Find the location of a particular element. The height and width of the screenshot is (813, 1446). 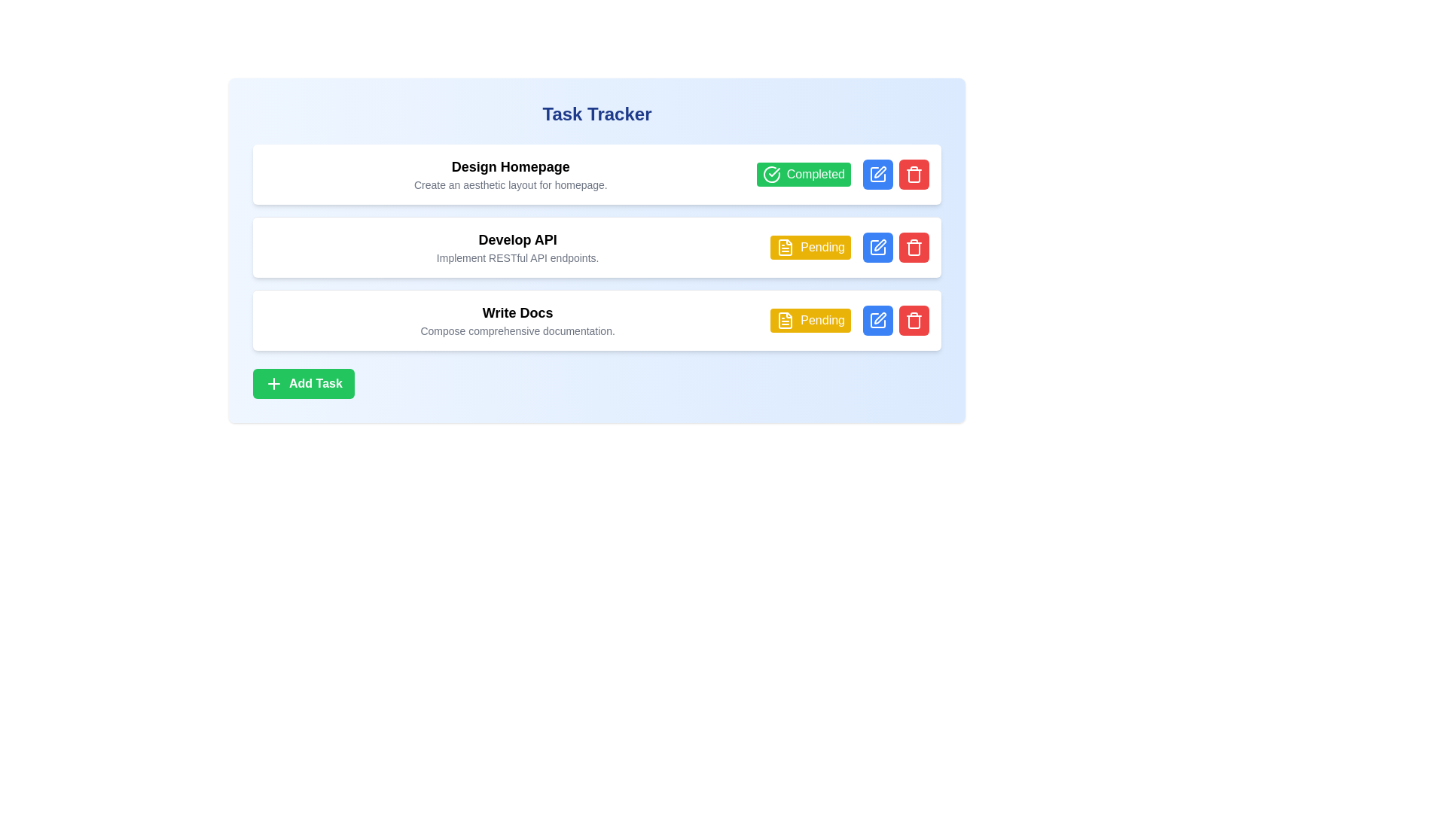

the descriptive subtitle text label located directly beneath the 'Design Homepage' title in the task tracker interface is located at coordinates (511, 184).